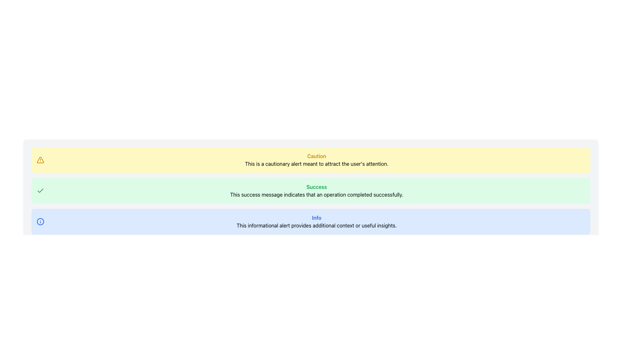 The image size is (617, 347). What do you see at coordinates (317, 194) in the screenshot?
I see `success message displayed in the text label that indicates an operation completed successfully, which is visually distinct with a green highlighted background` at bounding box center [317, 194].